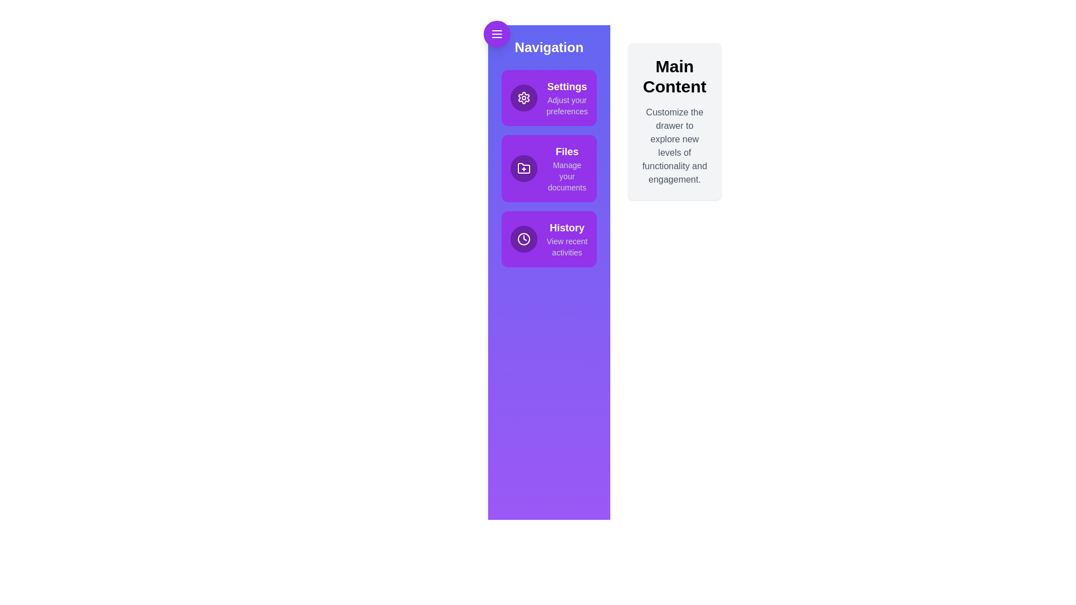  I want to click on the 'History' section to view recent activities, so click(549, 239).